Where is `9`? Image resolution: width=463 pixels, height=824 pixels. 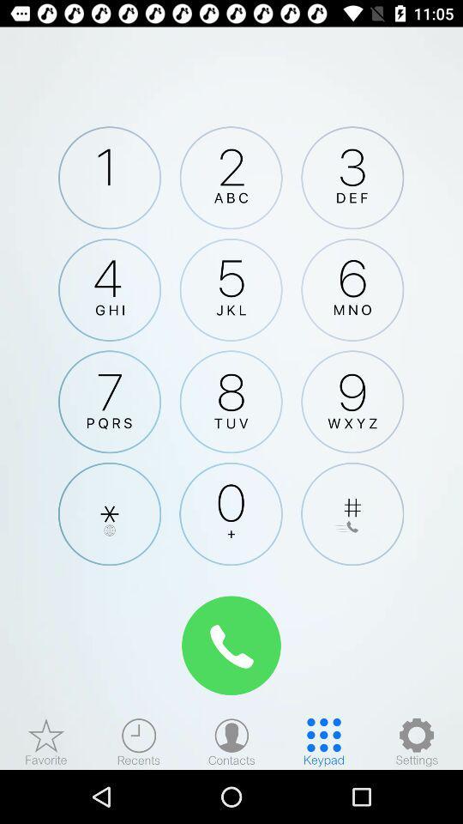
9 is located at coordinates (352, 402).